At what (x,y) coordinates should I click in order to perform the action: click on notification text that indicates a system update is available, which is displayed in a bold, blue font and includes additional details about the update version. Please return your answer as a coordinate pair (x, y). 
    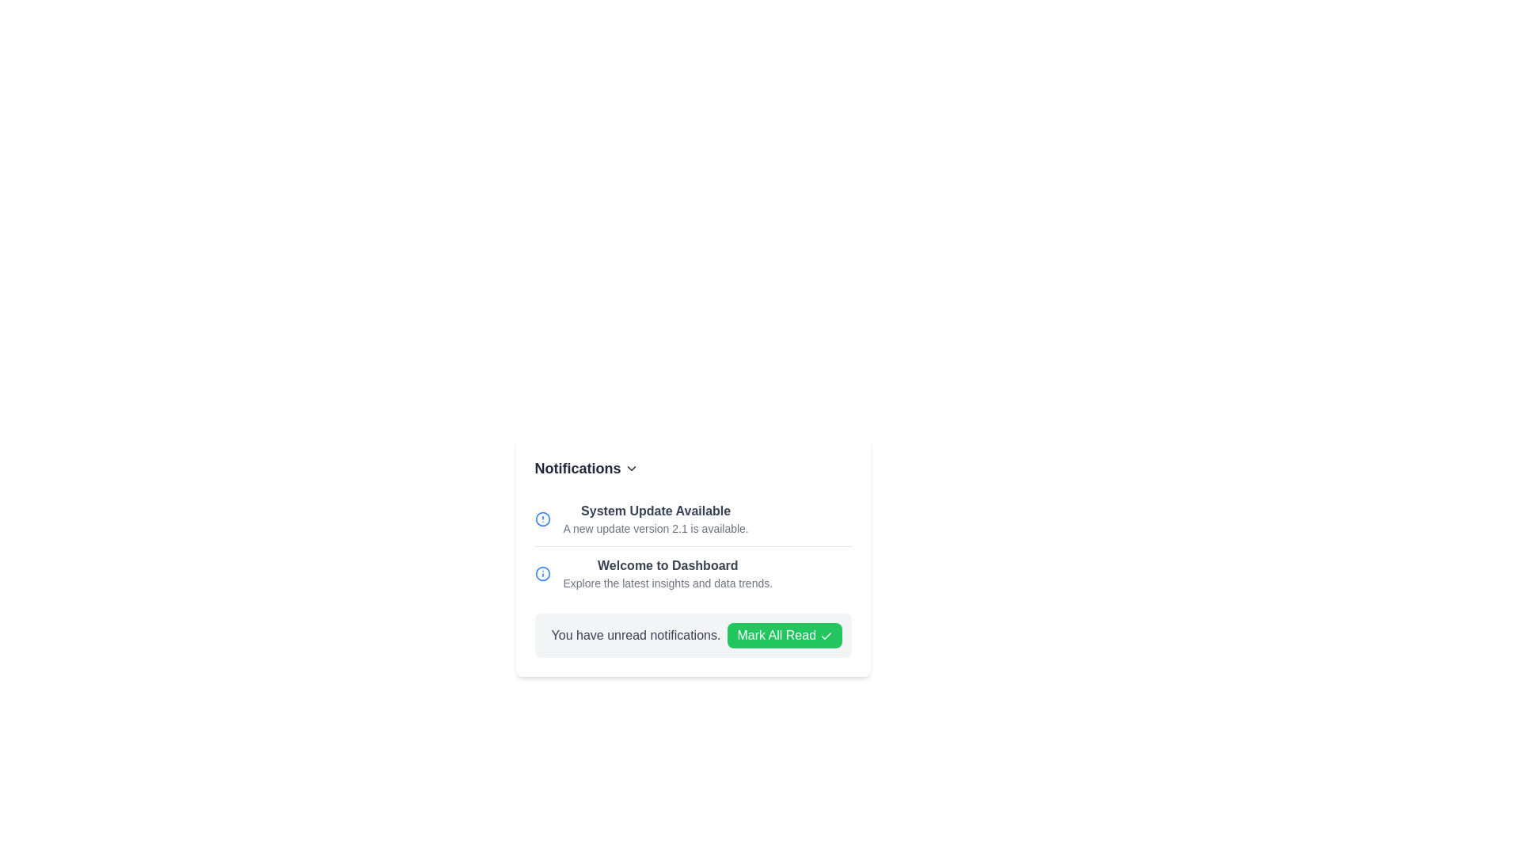
    Looking at the image, I should click on (693, 519).